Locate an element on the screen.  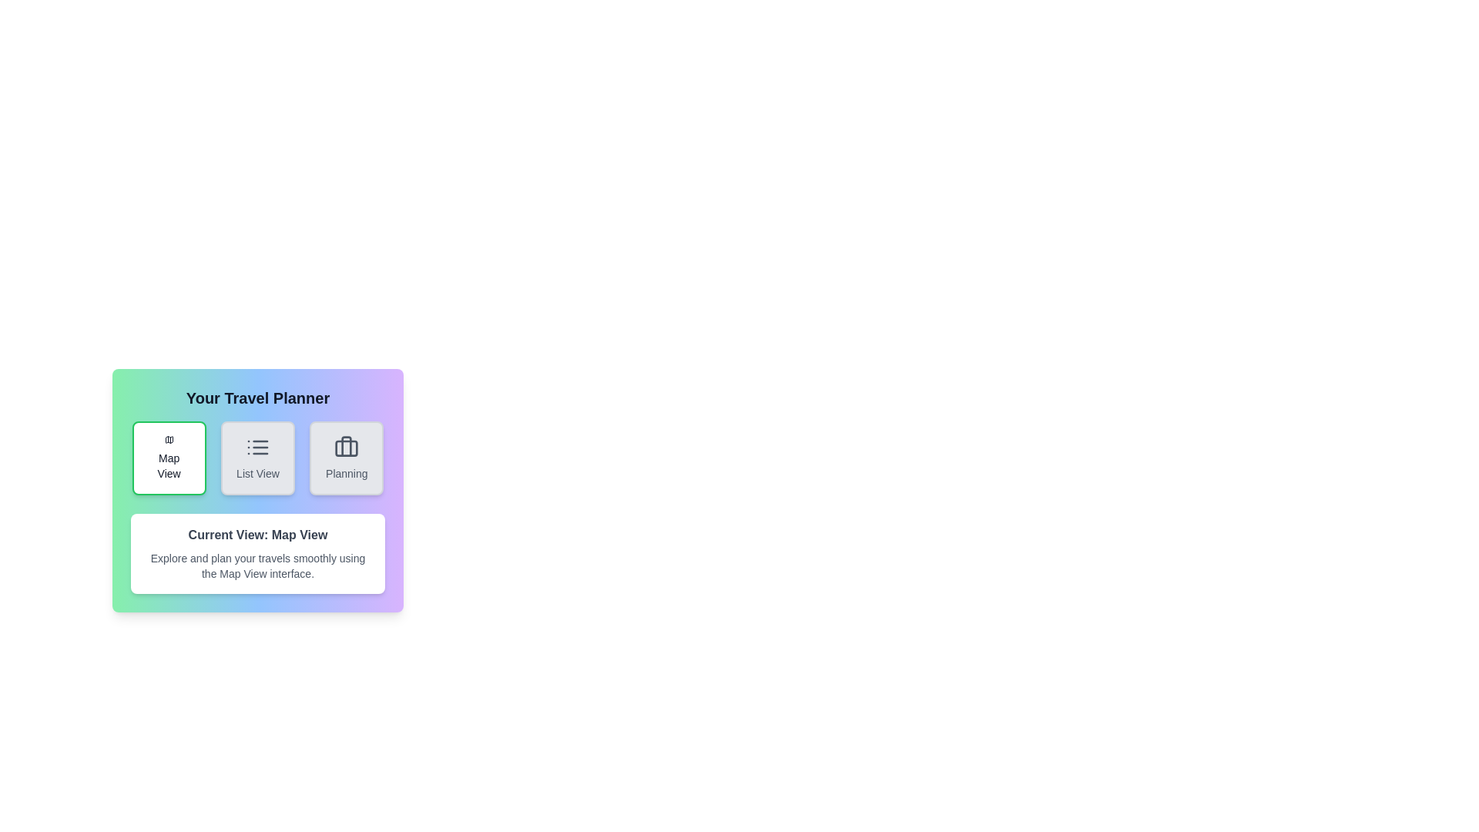
the Planning view by clicking the corresponding button is located at coordinates (346, 457).